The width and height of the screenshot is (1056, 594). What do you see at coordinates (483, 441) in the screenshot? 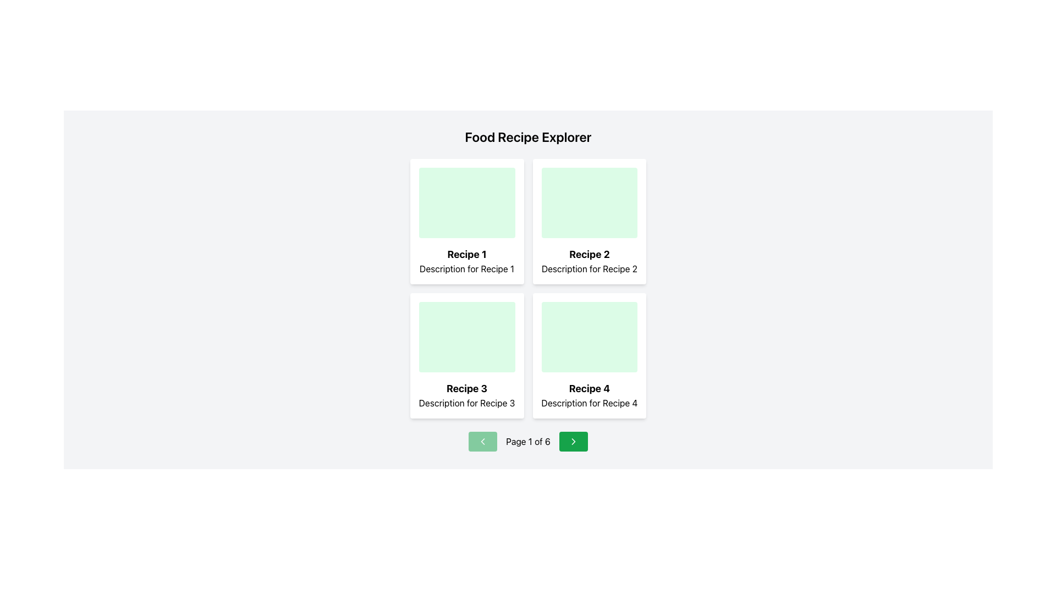
I see `the left-facing chevron icon located within the navigational button area on the left side of the pagination section at the bottom of the page` at bounding box center [483, 441].